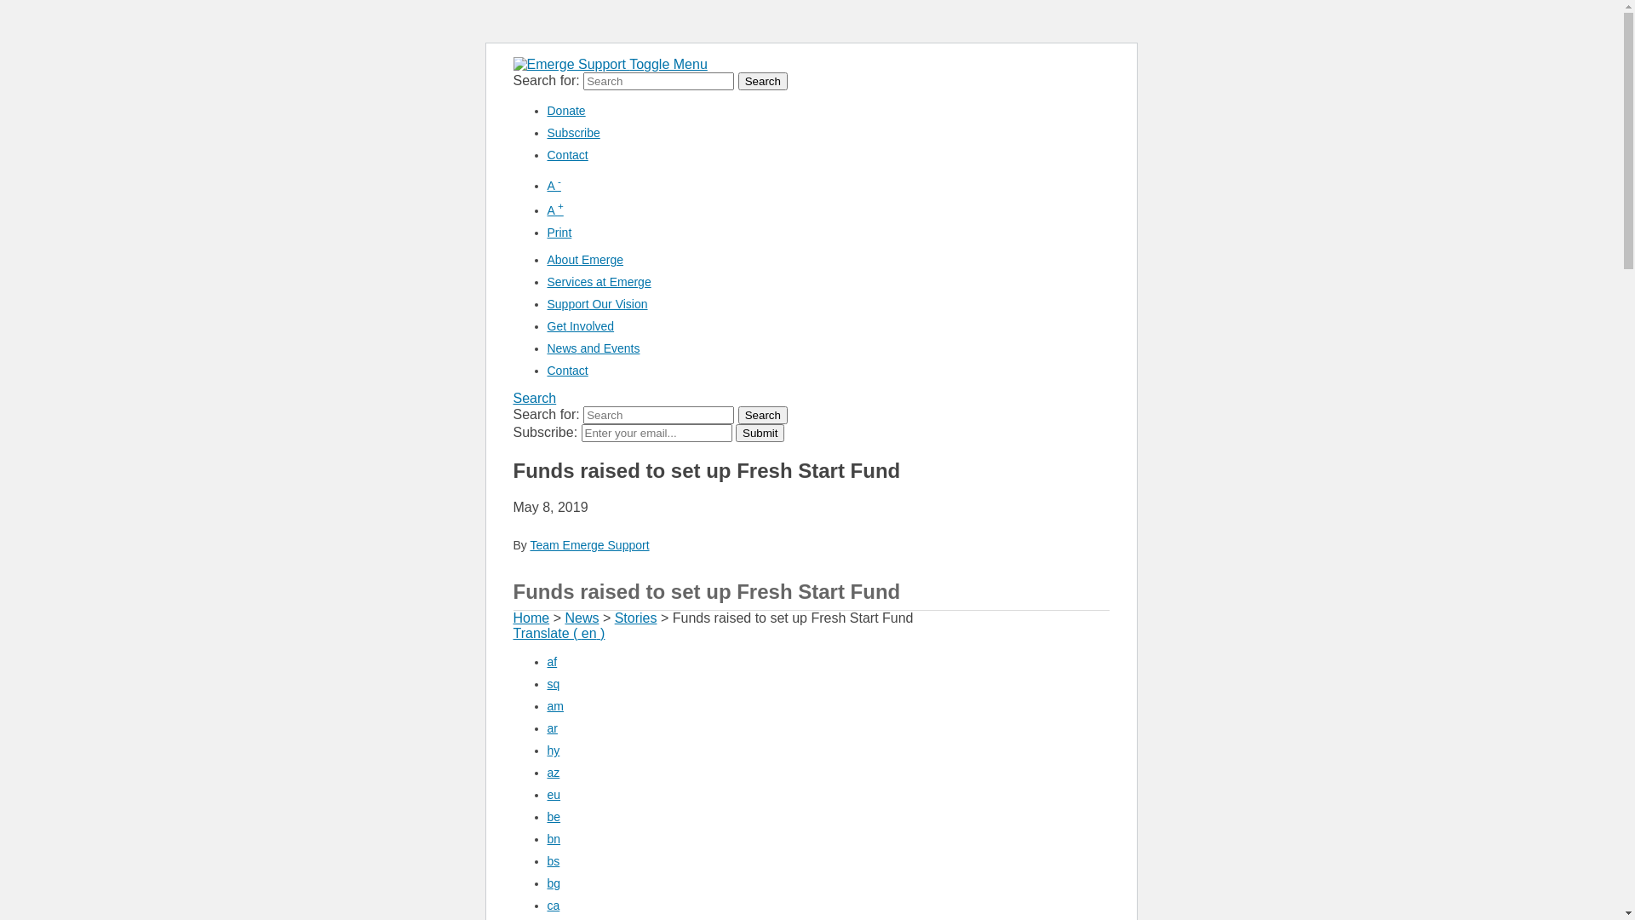 The width and height of the screenshot is (1635, 920). What do you see at coordinates (581, 618) in the screenshot?
I see `'News'` at bounding box center [581, 618].